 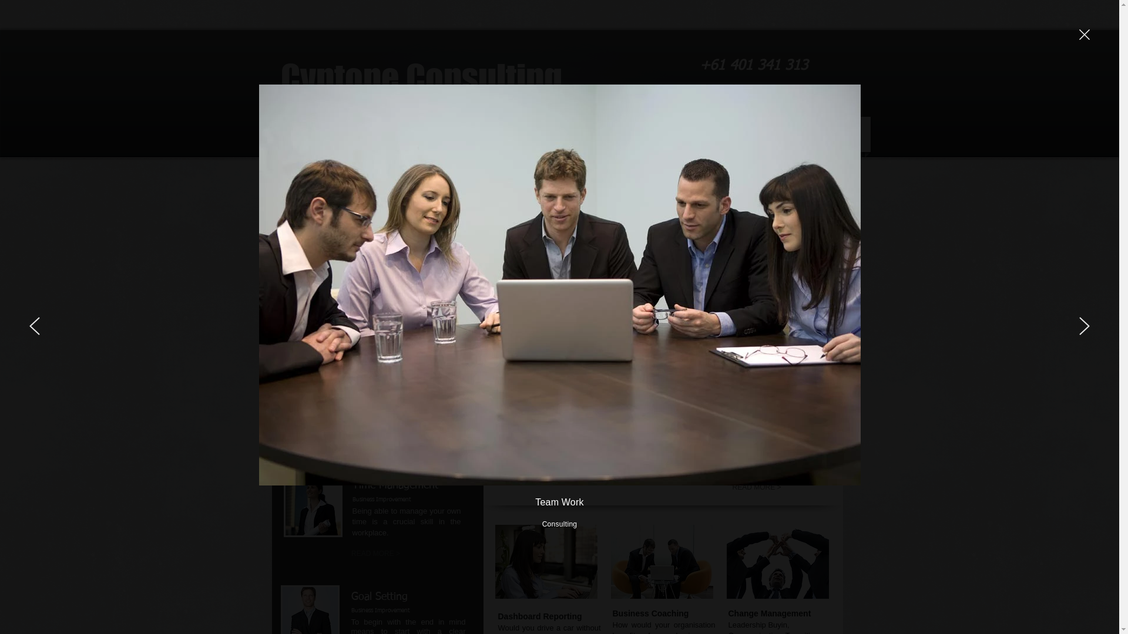 What do you see at coordinates (756, 133) in the screenshot?
I see `'Cyntone Blog'` at bounding box center [756, 133].